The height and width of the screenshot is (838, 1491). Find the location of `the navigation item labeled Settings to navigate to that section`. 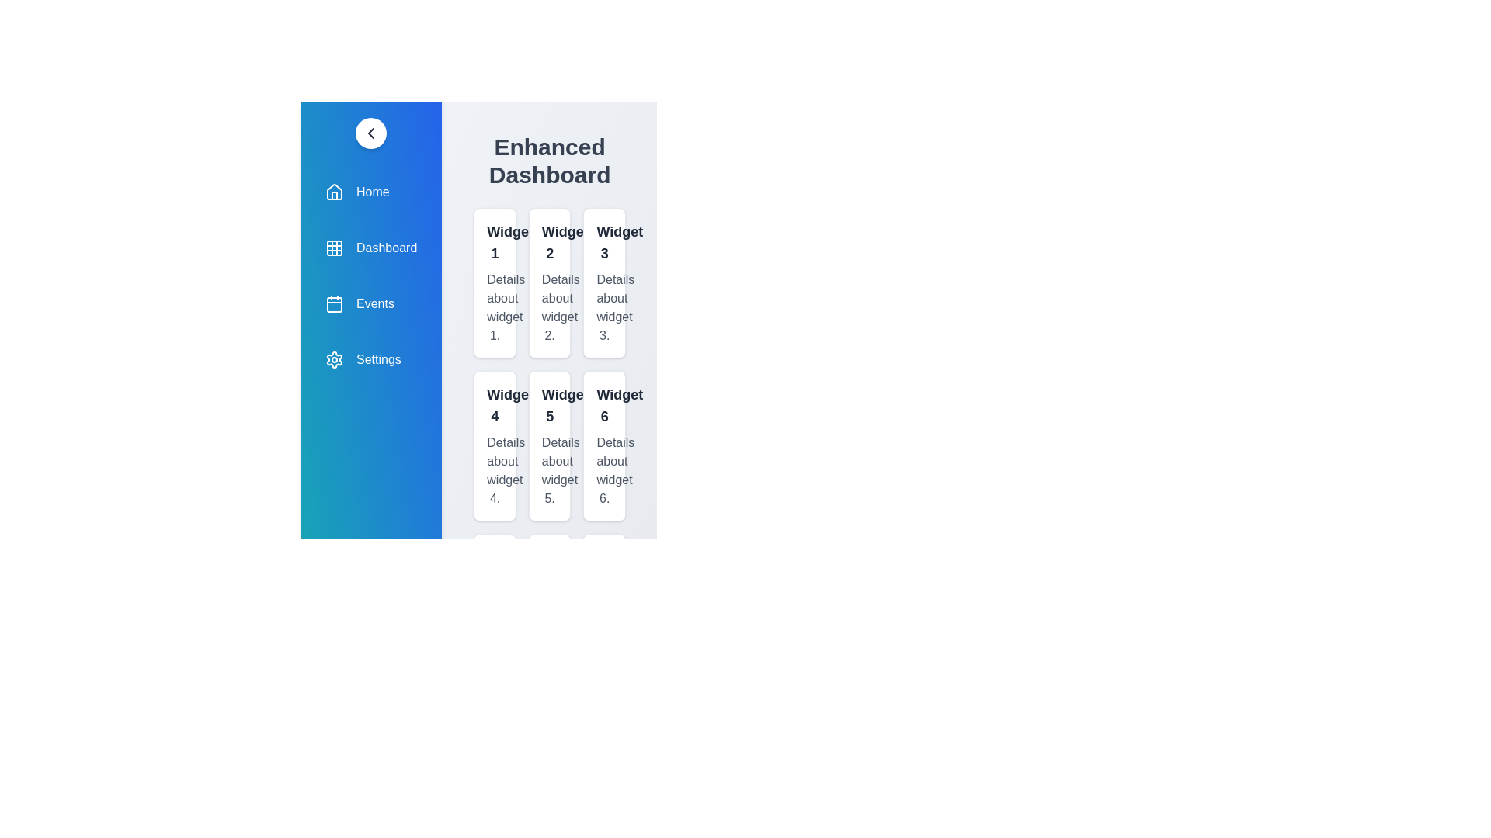

the navigation item labeled Settings to navigate to that section is located at coordinates (370, 359).